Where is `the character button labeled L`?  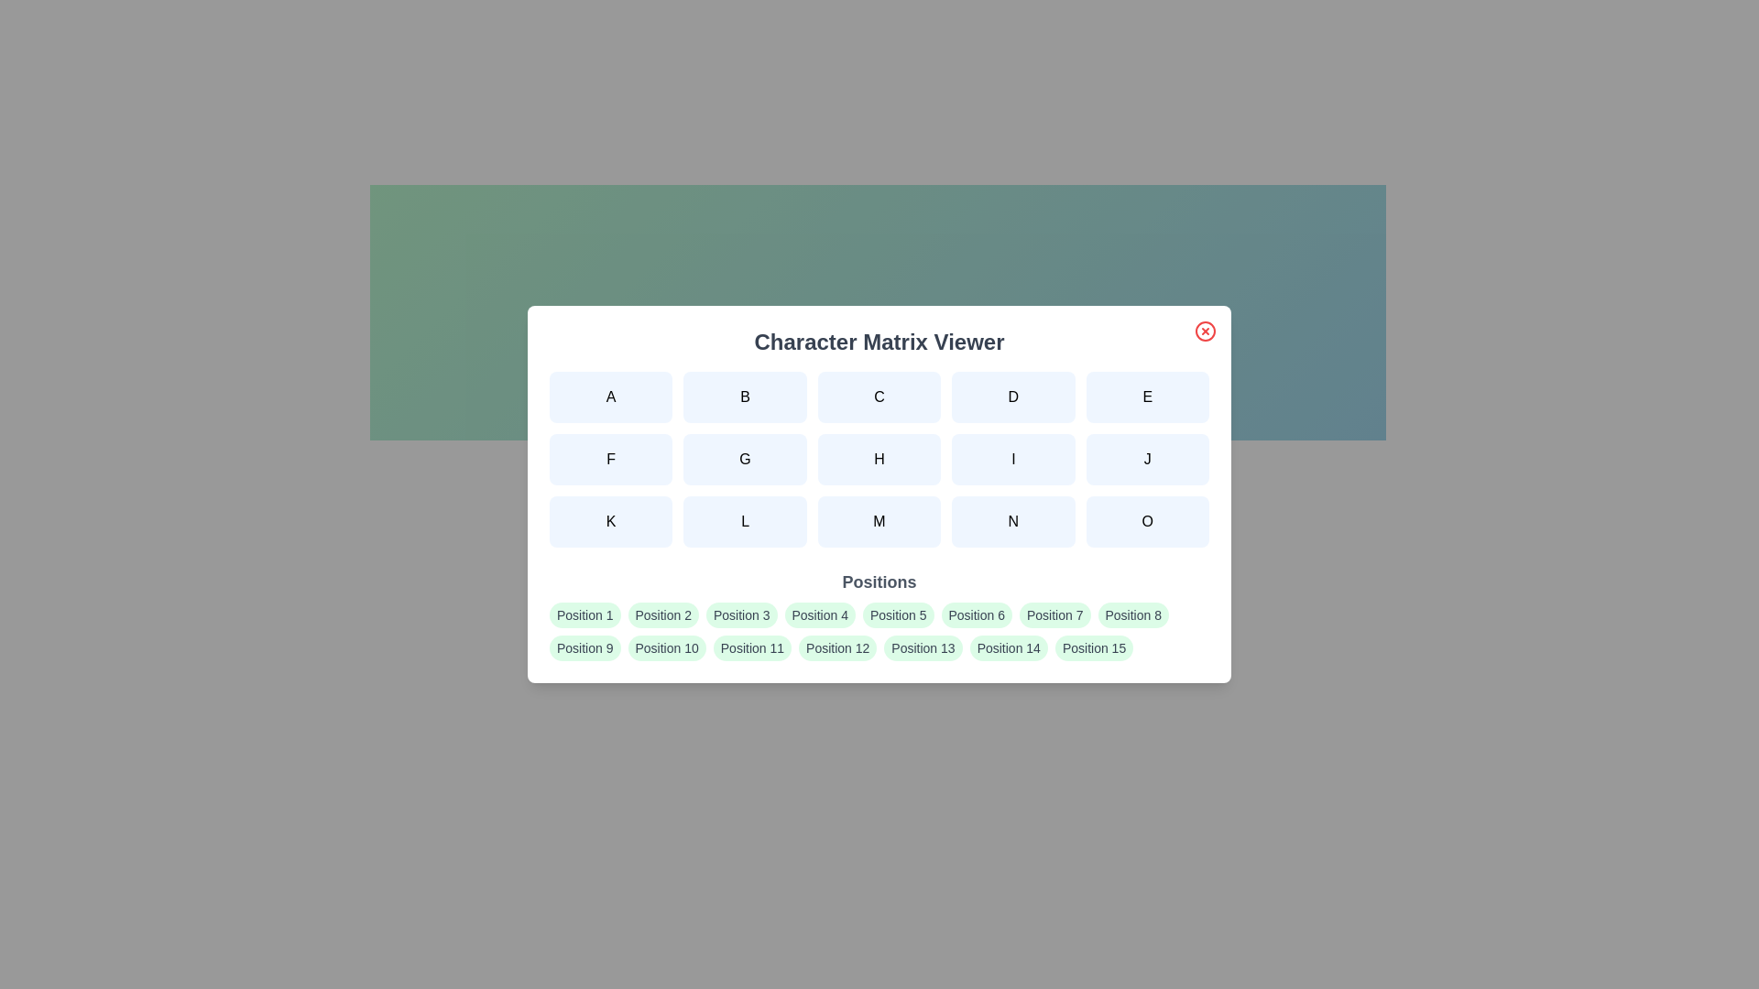
the character button labeled L is located at coordinates (744, 522).